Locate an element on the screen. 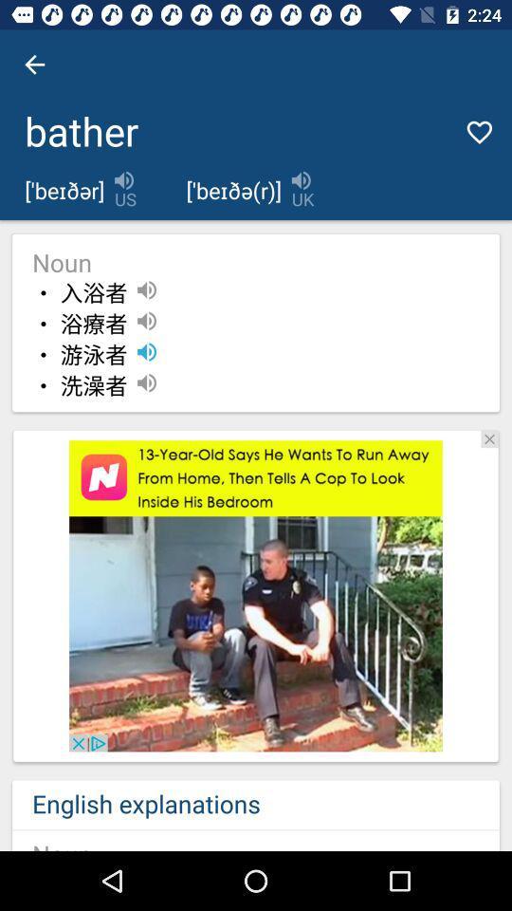  advert pop up is located at coordinates (256, 595).